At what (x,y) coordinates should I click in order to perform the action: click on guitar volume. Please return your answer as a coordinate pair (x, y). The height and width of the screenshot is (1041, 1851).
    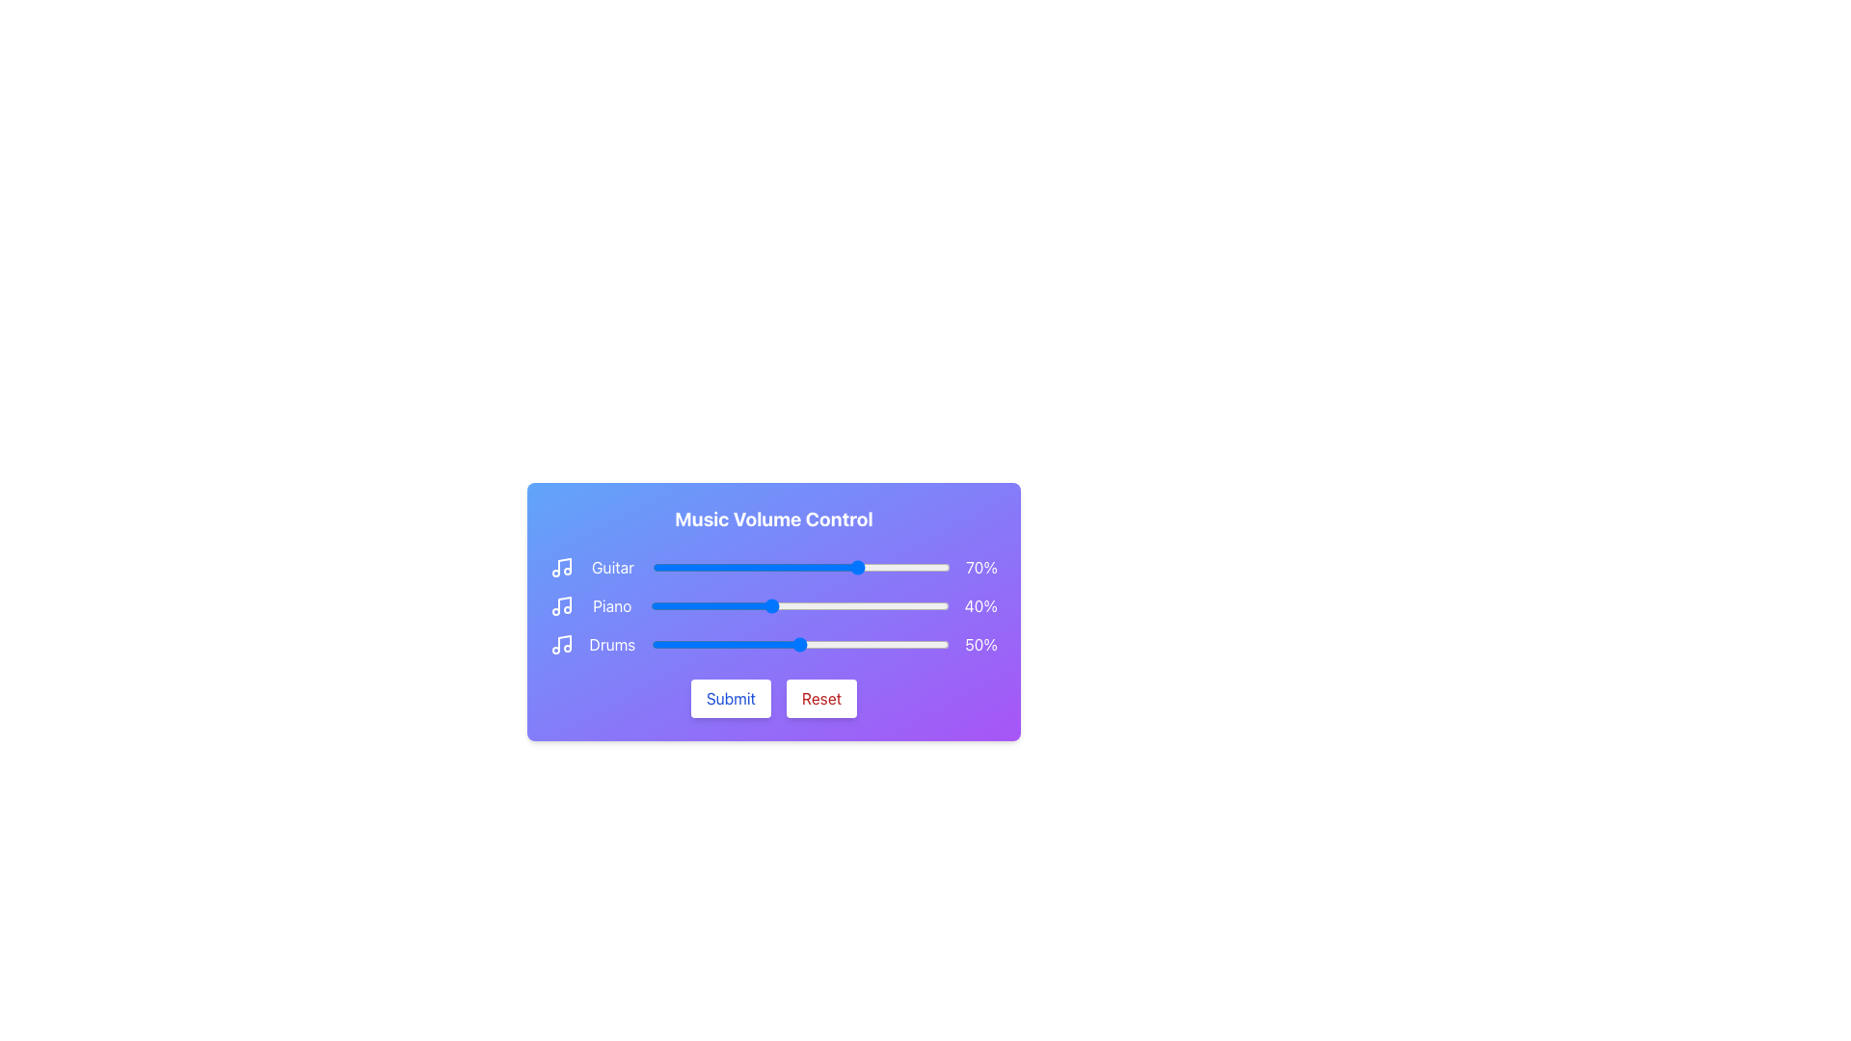
    Looking at the image, I should click on (845, 567).